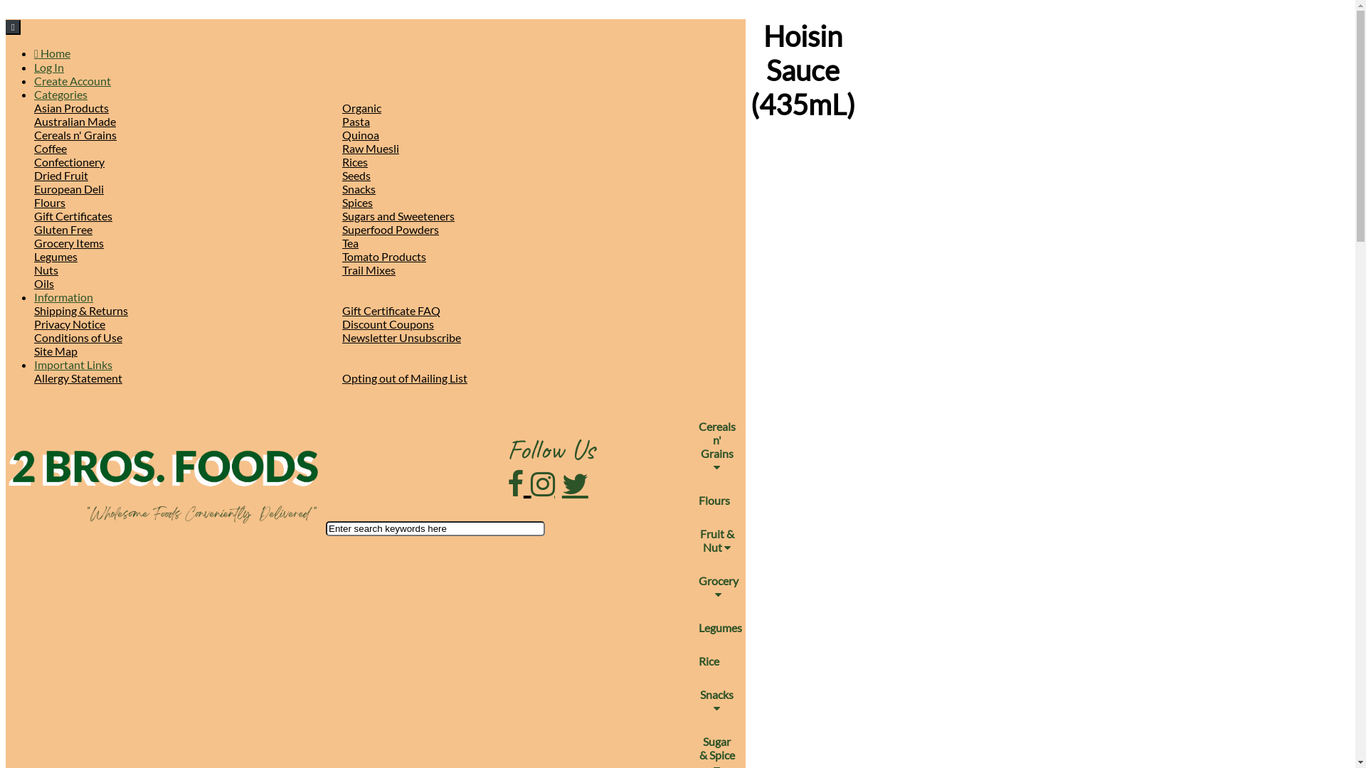  Describe the element at coordinates (357, 202) in the screenshot. I see `'Spices'` at that location.